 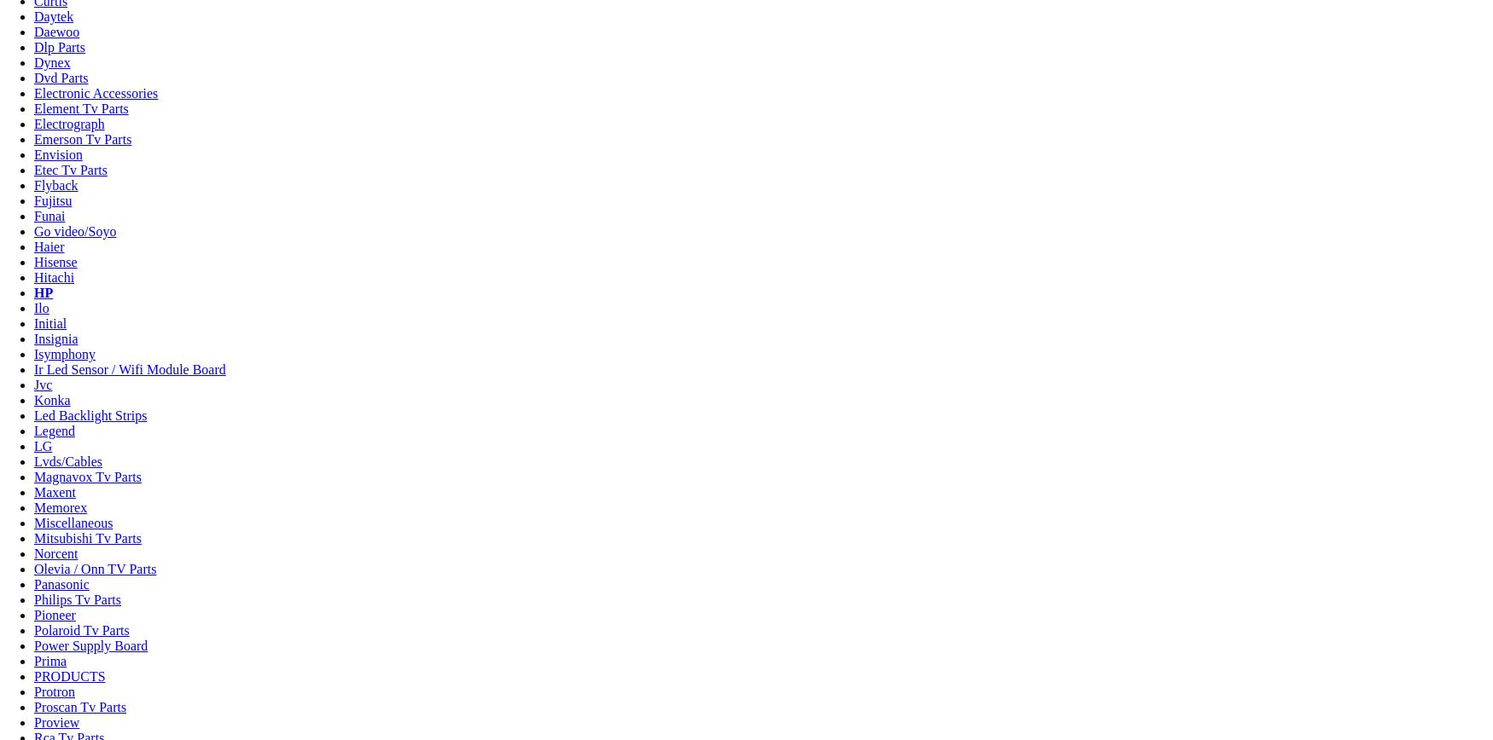 What do you see at coordinates (33, 154) in the screenshot?
I see `'Envision'` at bounding box center [33, 154].